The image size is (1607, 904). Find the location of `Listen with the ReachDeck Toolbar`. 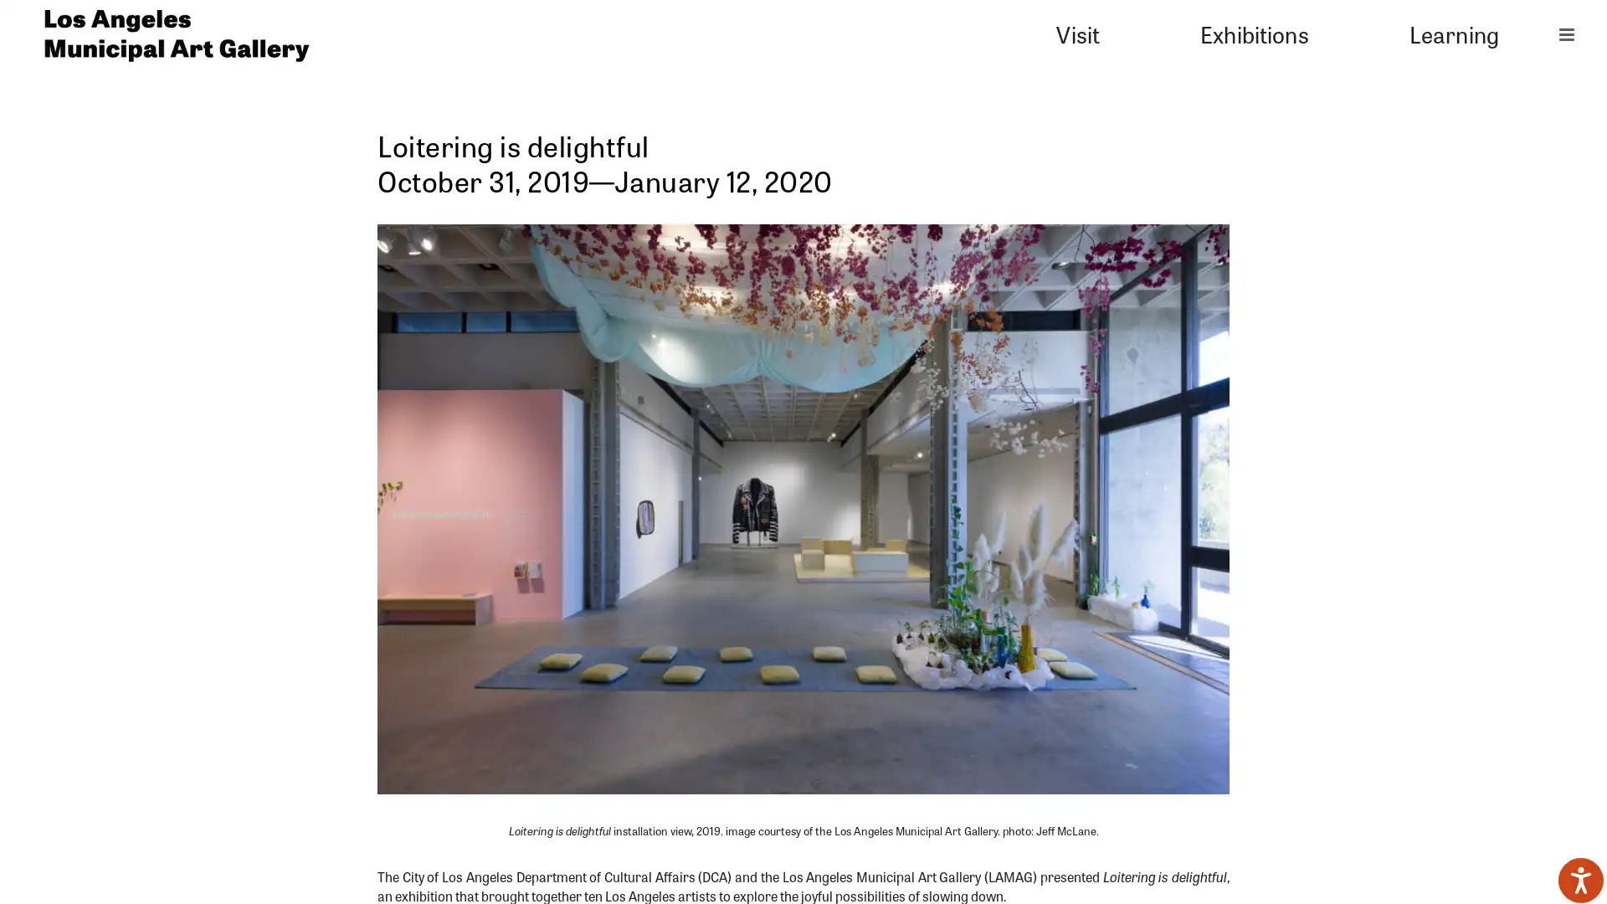

Listen with the ReachDeck Toolbar is located at coordinates (1580, 880).